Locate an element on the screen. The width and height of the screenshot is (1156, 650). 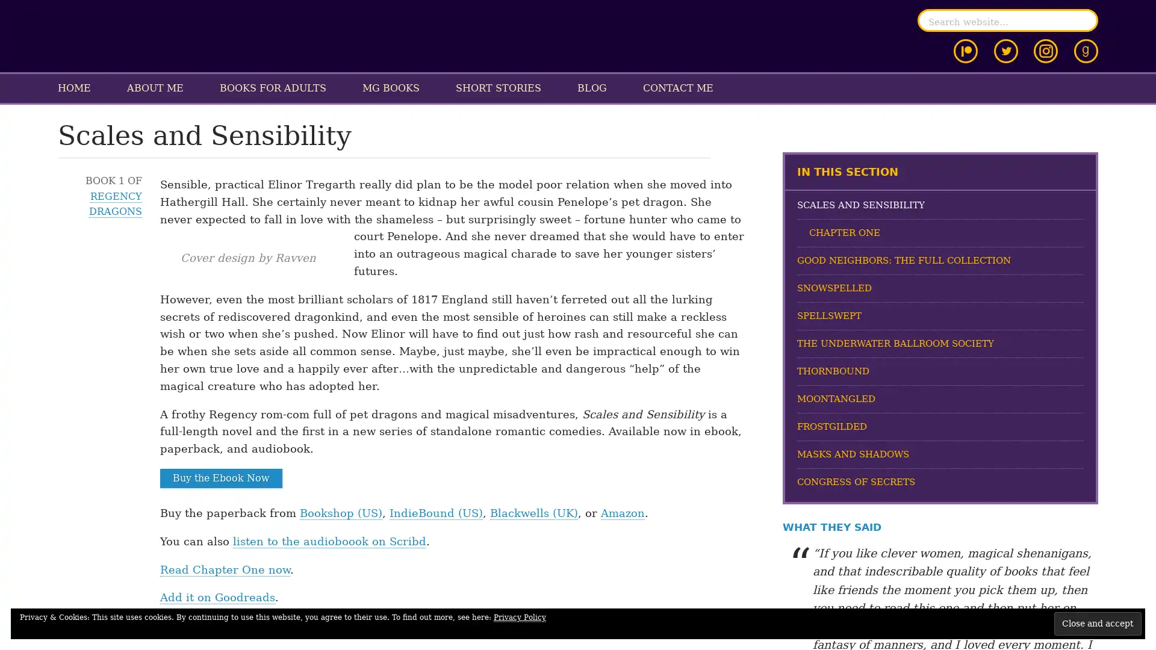
Search is located at coordinates (1084, 20).